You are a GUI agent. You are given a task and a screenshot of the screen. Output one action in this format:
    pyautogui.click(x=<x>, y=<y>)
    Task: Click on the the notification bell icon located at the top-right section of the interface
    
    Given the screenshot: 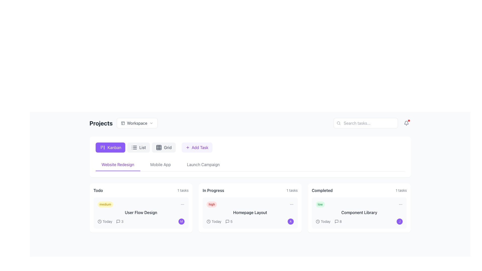 What is the action you would take?
    pyautogui.click(x=406, y=123)
    